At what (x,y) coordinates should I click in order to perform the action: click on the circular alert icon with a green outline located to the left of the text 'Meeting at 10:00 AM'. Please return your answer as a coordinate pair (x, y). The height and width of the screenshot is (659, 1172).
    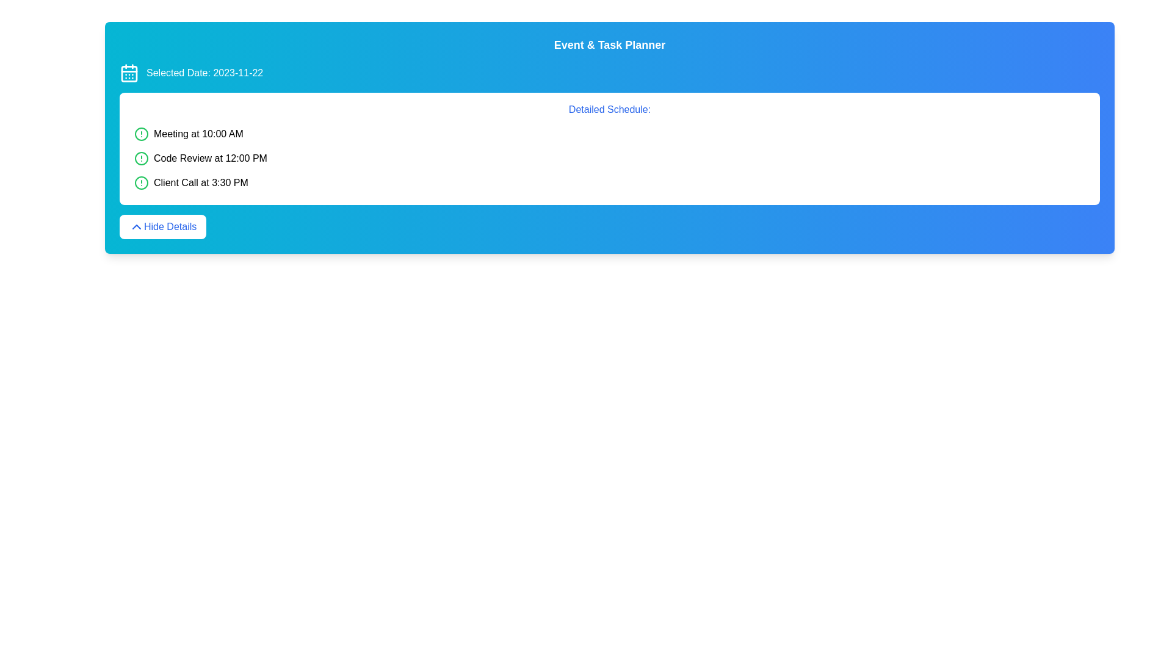
    Looking at the image, I should click on (141, 134).